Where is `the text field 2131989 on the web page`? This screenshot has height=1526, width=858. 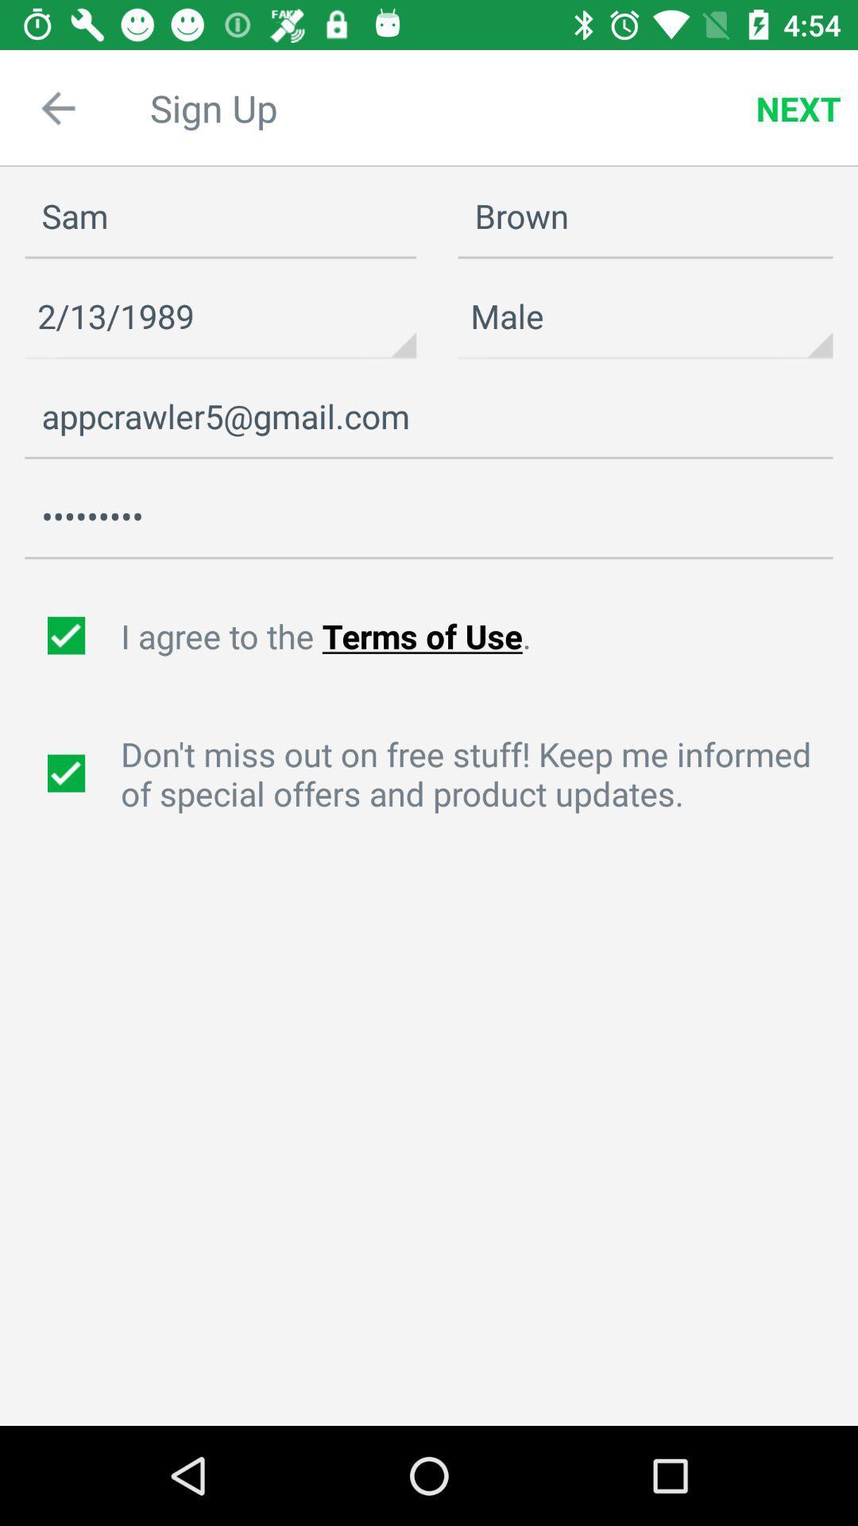 the text field 2131989 on the web page is located at coordinates (220, 316).